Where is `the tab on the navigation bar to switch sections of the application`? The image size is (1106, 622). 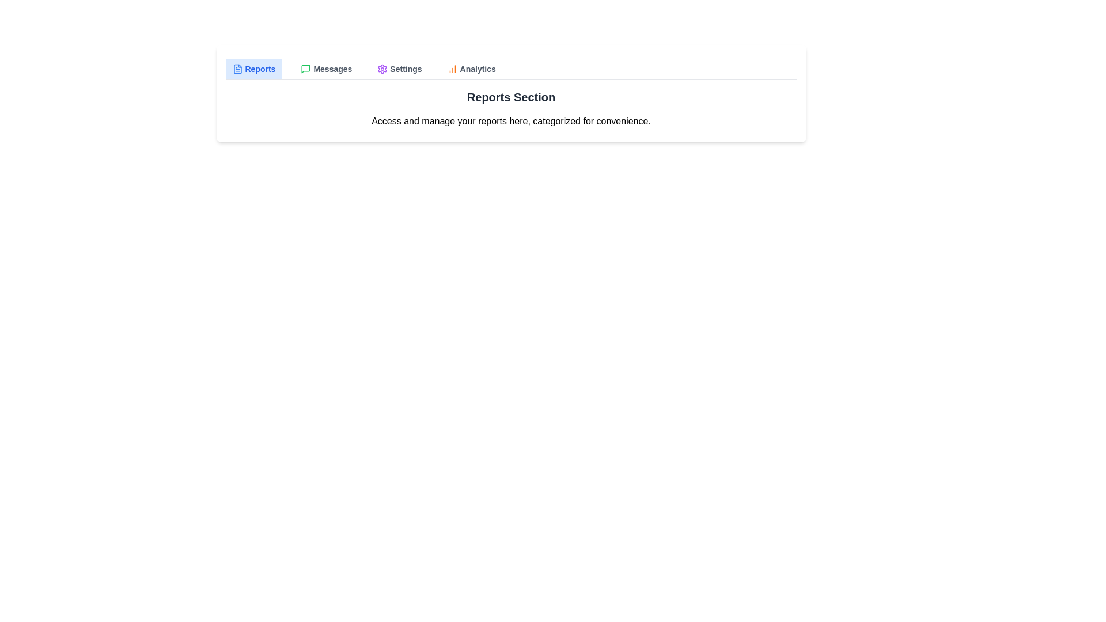
the tab on the navigation bar to switch sections of the application is located at coordinates (510, 69).